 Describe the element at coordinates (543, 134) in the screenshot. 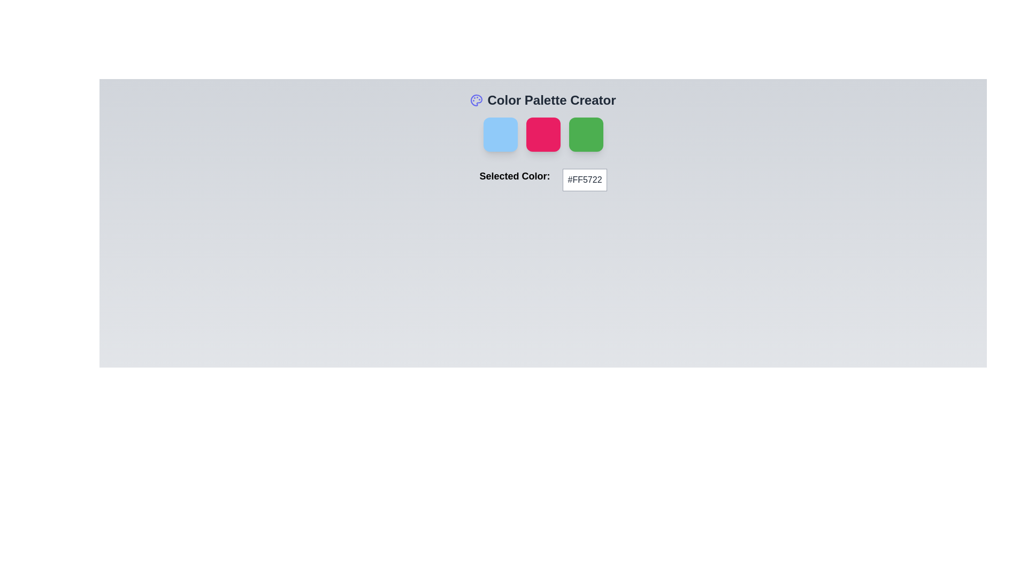

I see `the second interactive color palette tile in the 'Color Palette Creator' section` at that location.